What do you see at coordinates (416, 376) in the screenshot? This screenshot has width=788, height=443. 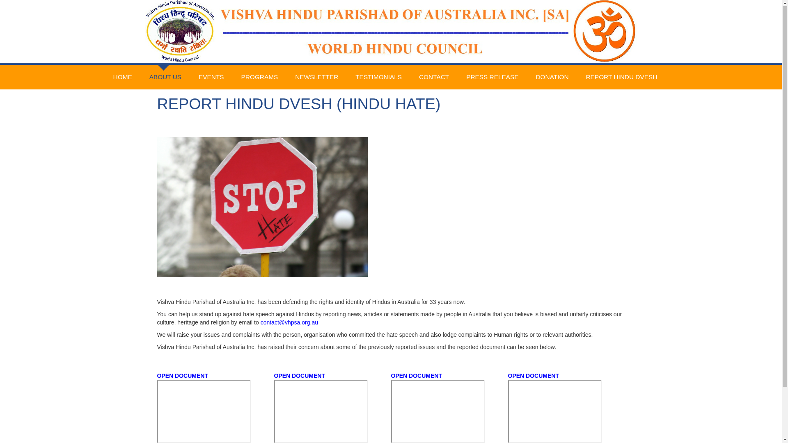 I see `'OPEN DOCUMENT'` at bounding box center [416, 376].